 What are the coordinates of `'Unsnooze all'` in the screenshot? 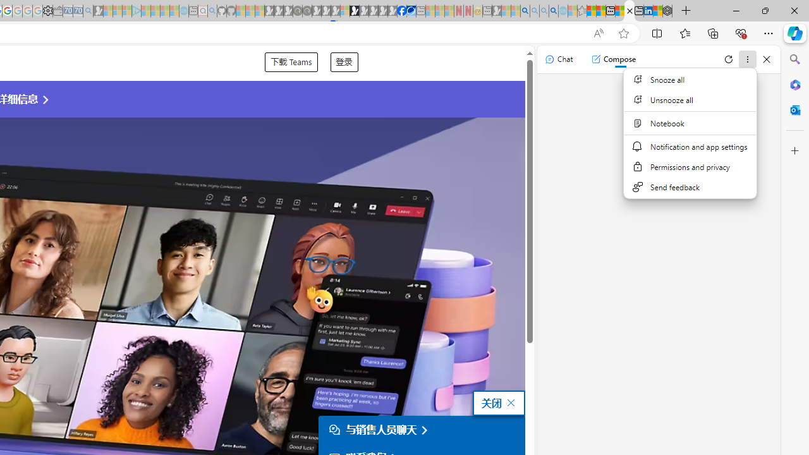 It's located at (689, 99).